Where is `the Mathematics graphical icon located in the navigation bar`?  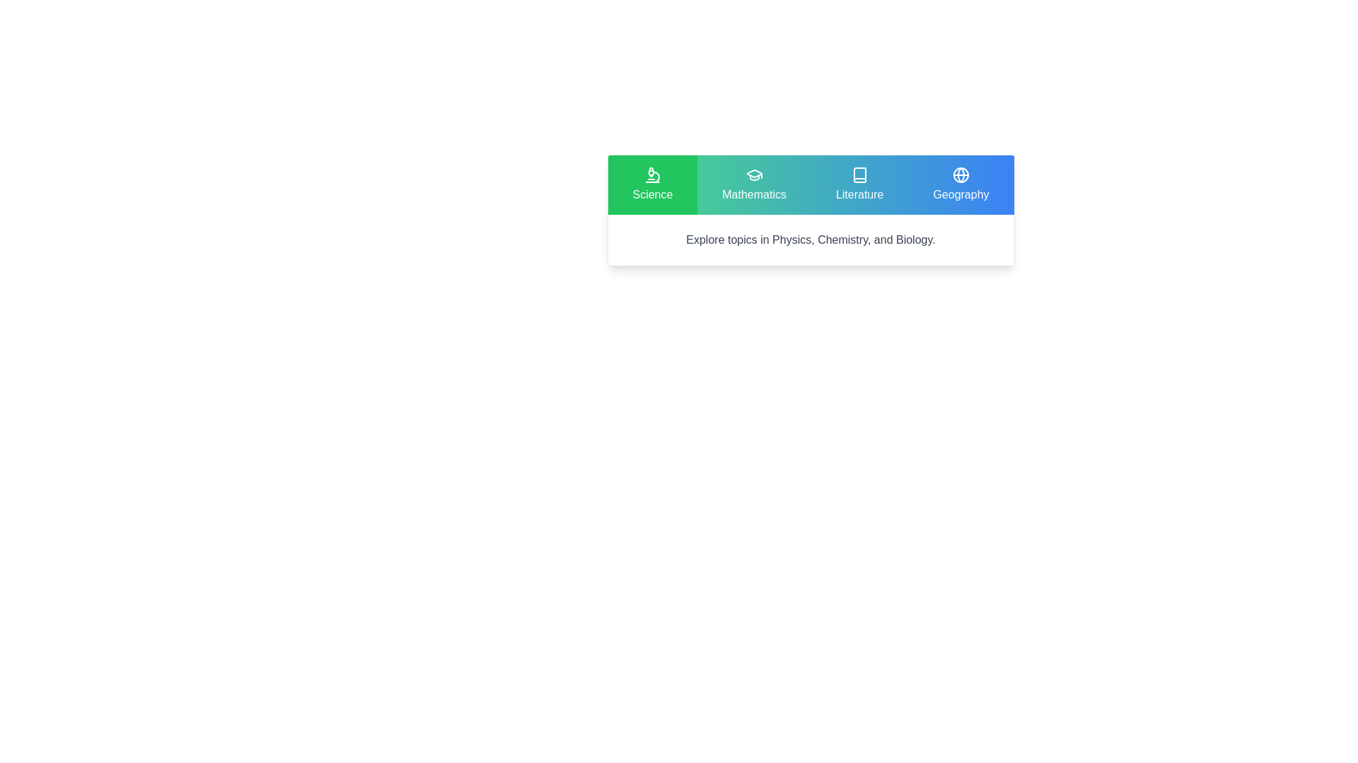
the Mathematics graphical icon located in the navigation bar is located at coordinates (753, 174).